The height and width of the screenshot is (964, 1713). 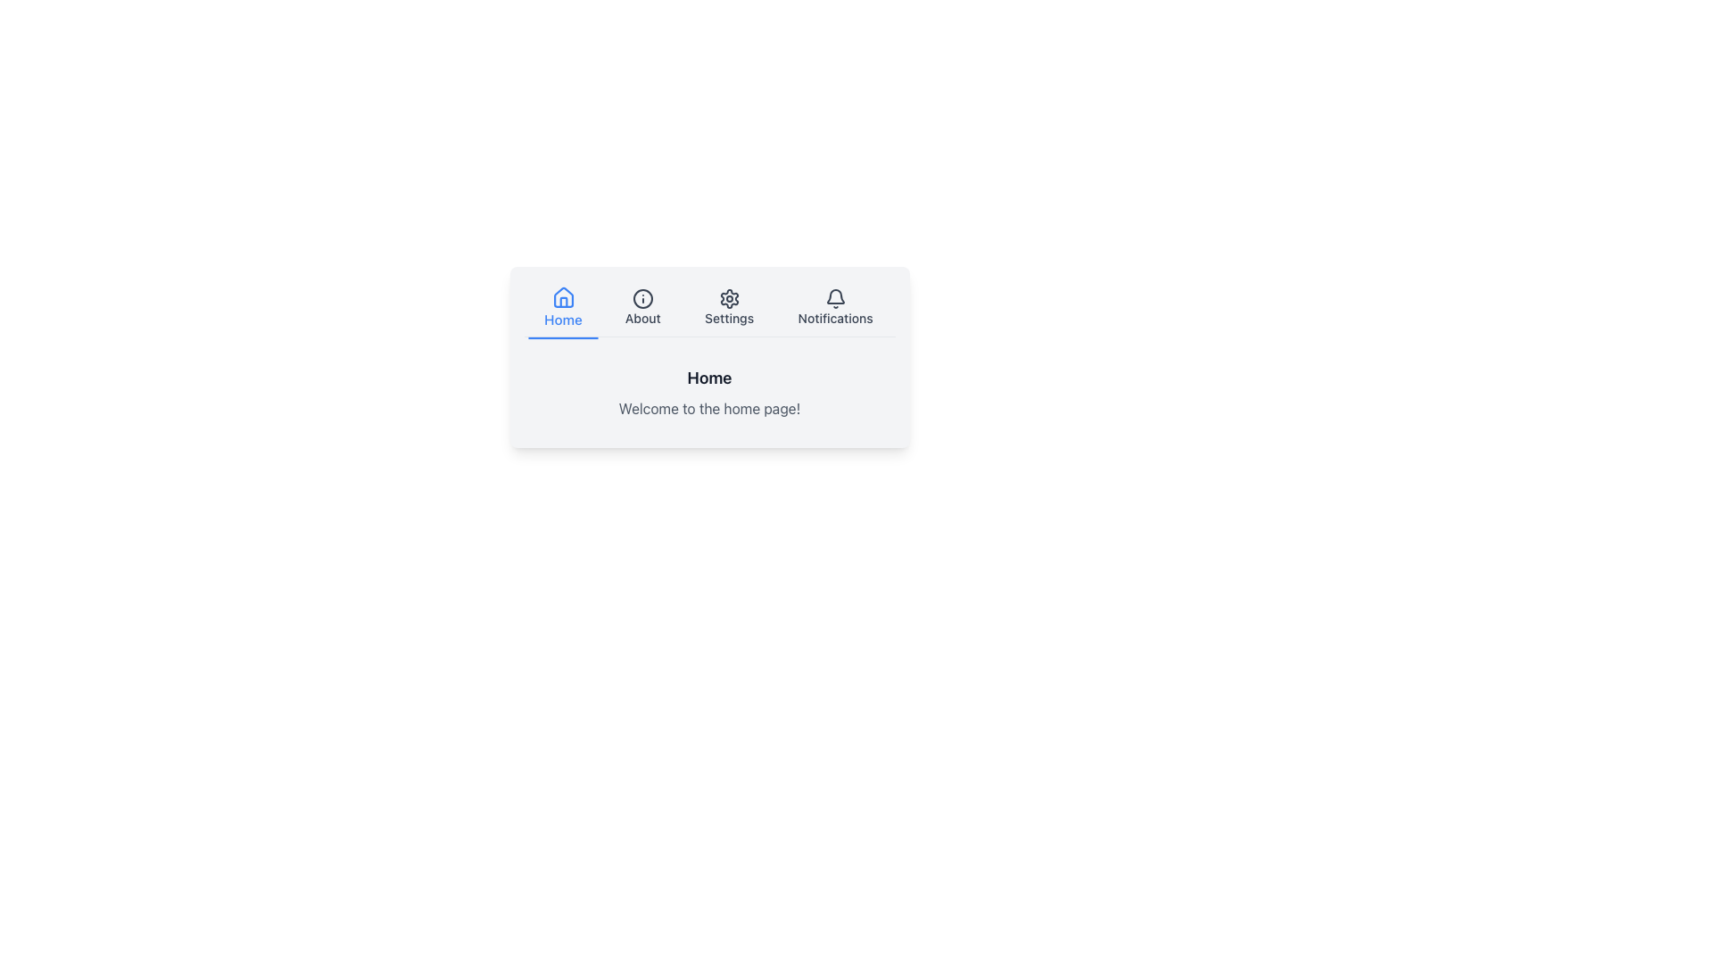 I want to click on the 'Home' icon located in the navigation bar at the top of the interface, which is the leftmost icon in a row of navigation options, so click(x=562, y=296).